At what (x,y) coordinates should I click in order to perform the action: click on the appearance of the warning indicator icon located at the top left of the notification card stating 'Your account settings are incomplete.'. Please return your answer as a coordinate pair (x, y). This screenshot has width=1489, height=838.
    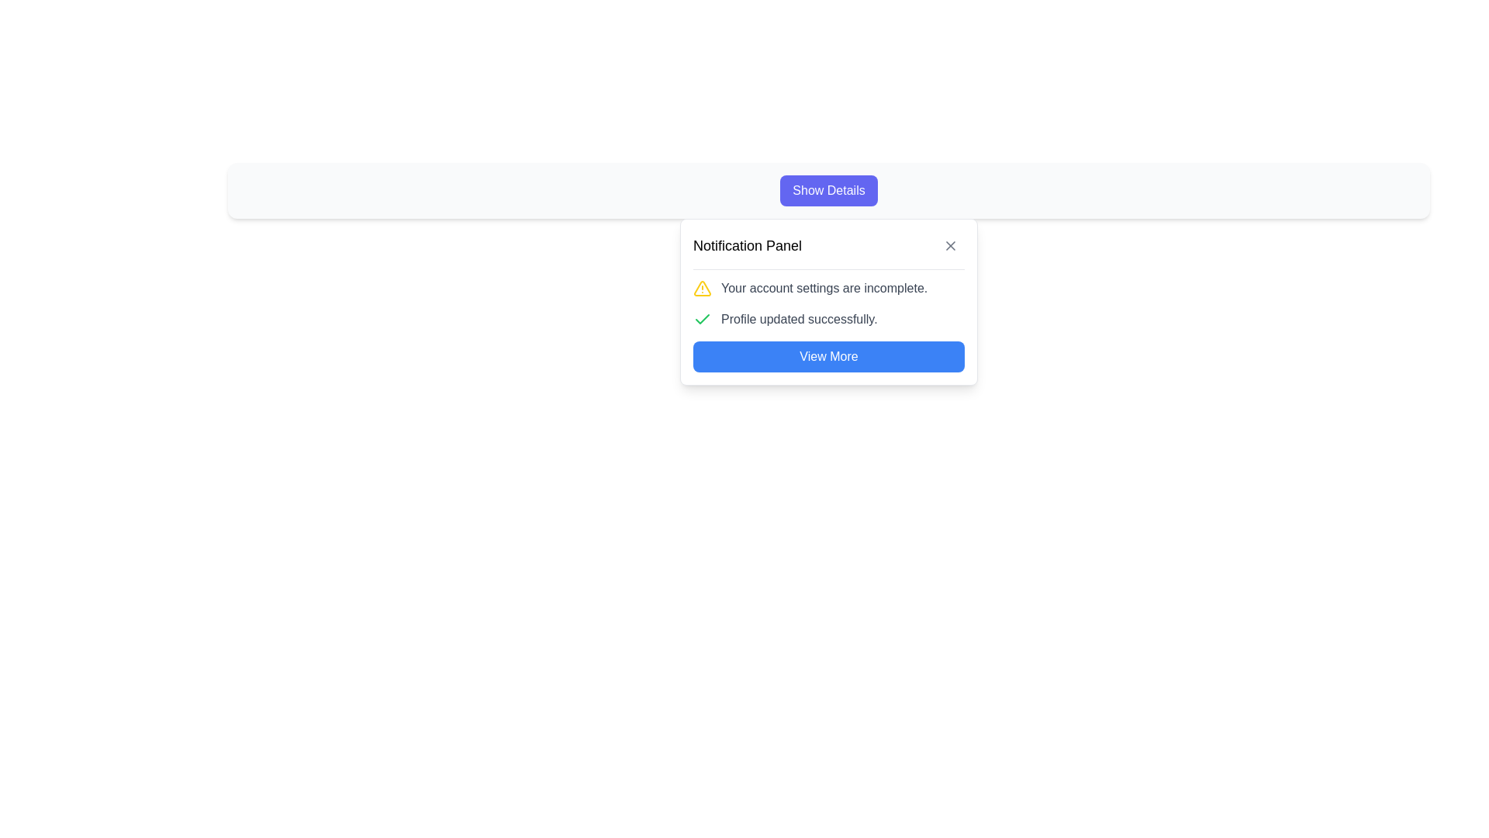
    Looking at the image, I should click on (702, 288).